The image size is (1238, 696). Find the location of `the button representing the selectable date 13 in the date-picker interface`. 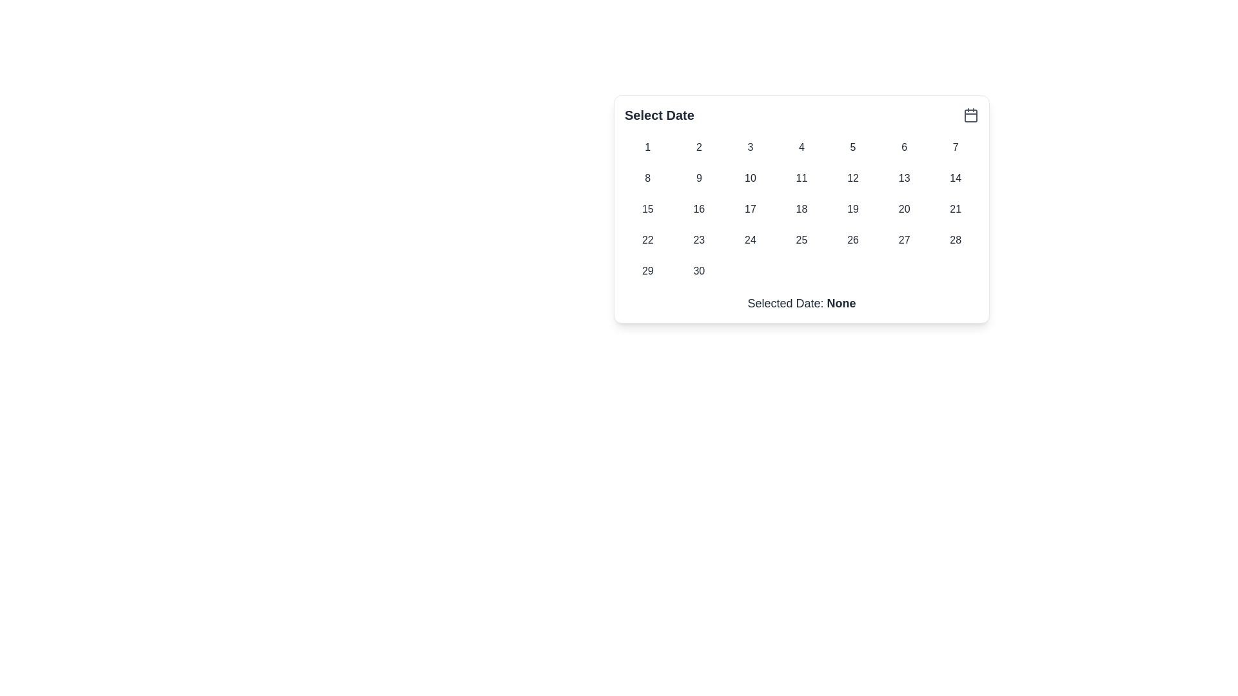

the button representing the selectable date 13 in the date-picker interface is located at coordinates (903, 179).